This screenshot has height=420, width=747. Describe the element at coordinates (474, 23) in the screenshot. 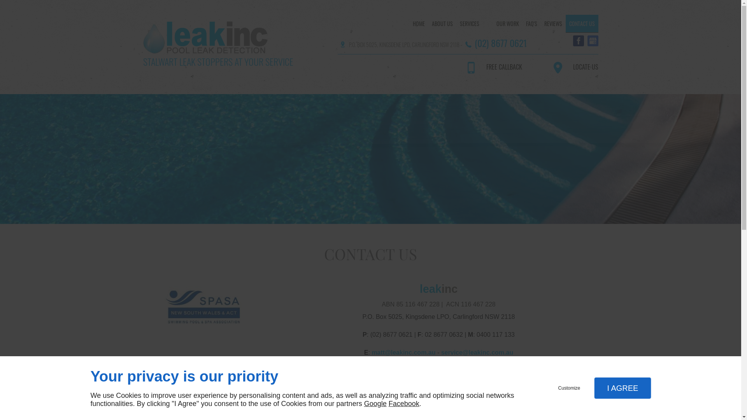

I see `'SERVICES'` at that location.